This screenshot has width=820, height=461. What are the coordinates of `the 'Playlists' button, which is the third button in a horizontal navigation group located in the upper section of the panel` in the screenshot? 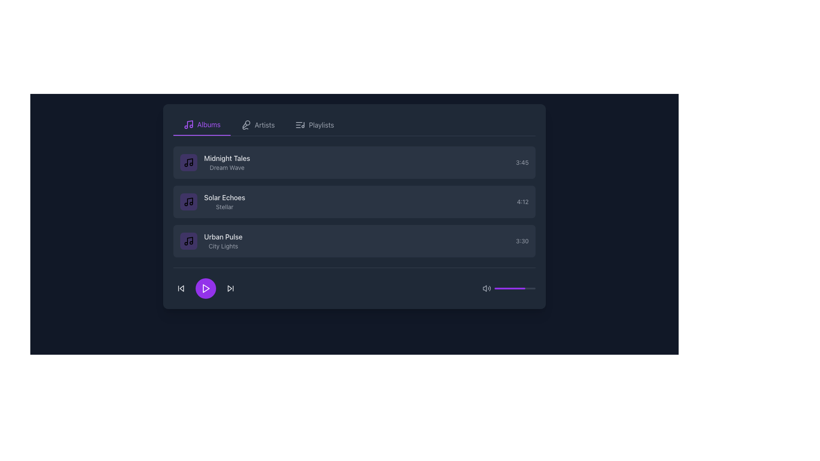 It's located at (314, 125).